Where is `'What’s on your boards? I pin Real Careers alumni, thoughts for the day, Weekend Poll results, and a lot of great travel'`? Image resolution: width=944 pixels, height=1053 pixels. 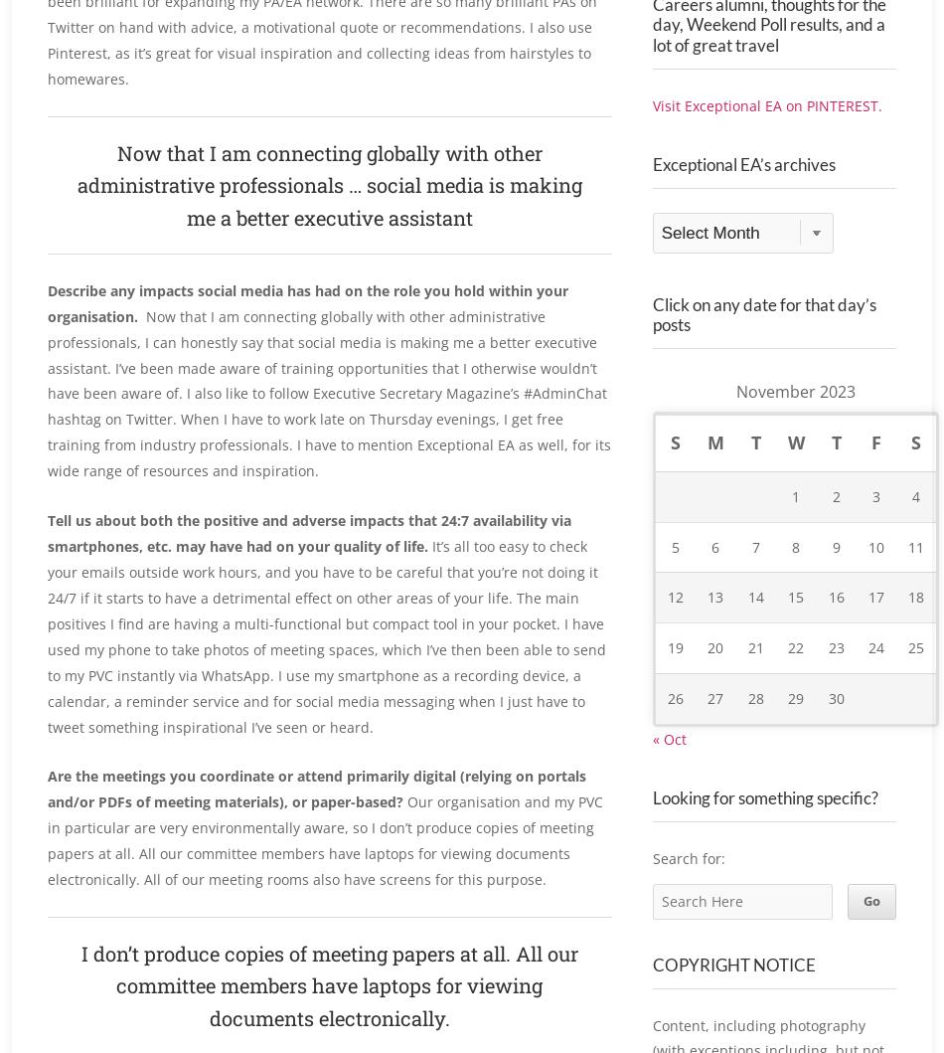
'What’s on your boards? I pin Real Careers alumni, thoughts for the day, Weekend Poll results, and a lot of great travel' is located at coordinates (770, 58).